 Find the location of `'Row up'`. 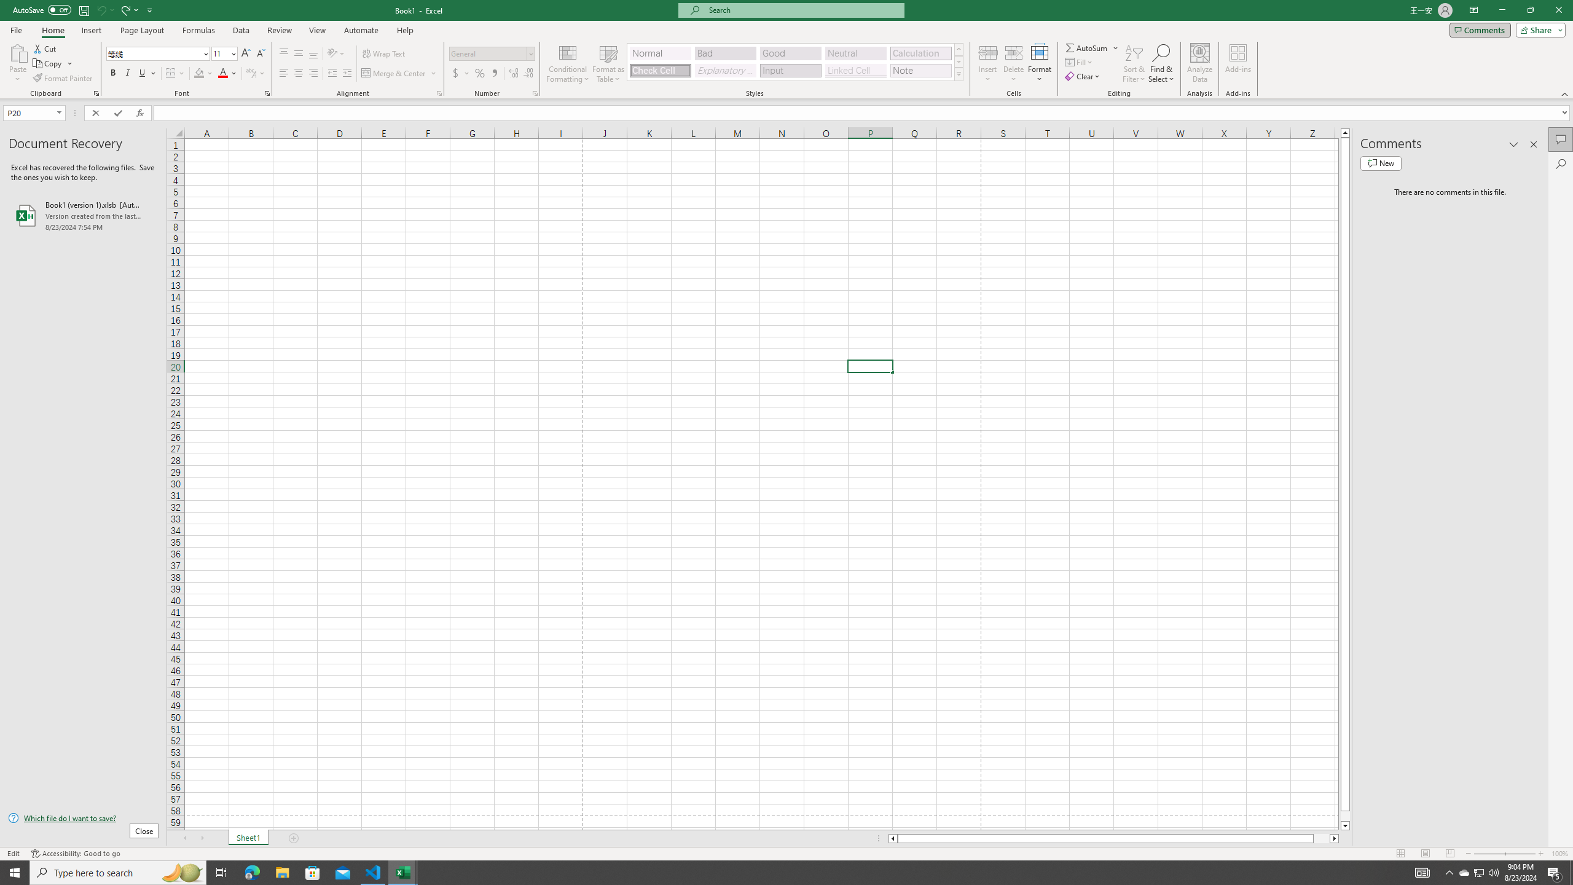

'Row up' is located at coordinates (959, 49).